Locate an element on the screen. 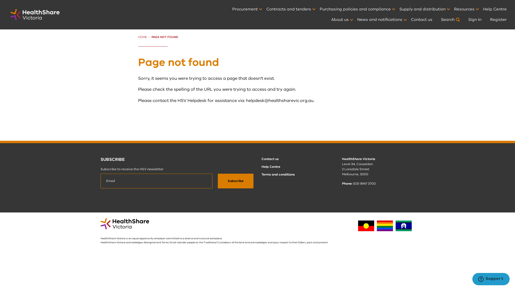  'Subscribe' is located at coordinates (236, 181).